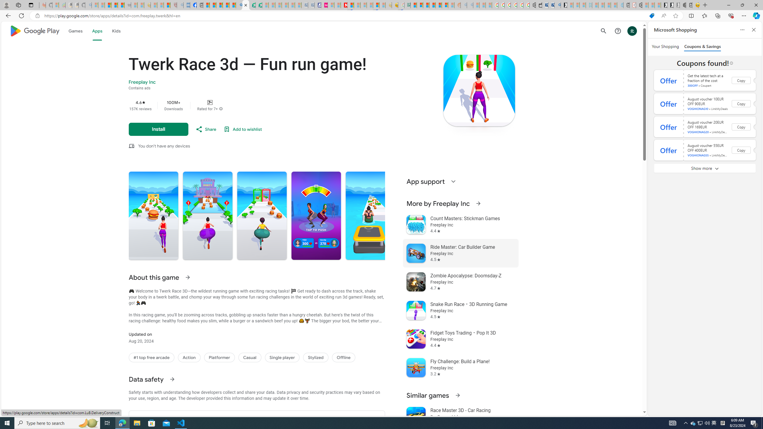 The height and width of the screenshot is (429, 763). Describe the element at coordinates (259, 5) in the screenshot. I see `'Microsoft Word - consumer-privacy address update 2.2021'` at that location.